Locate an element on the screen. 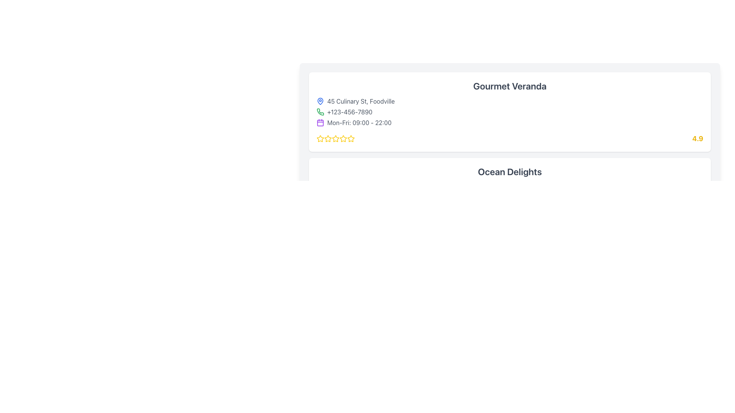  the small rectangular decorative element with rounded corners, styled in light purple, located in the lower central region of the calendar icon is located at coordinates (320, 122).